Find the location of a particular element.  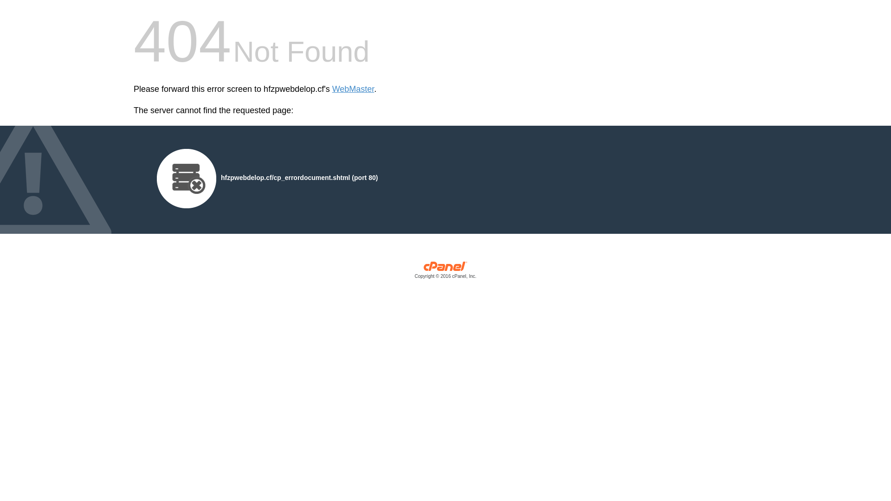

'WebMaster' is located at coordinates (353, 89).